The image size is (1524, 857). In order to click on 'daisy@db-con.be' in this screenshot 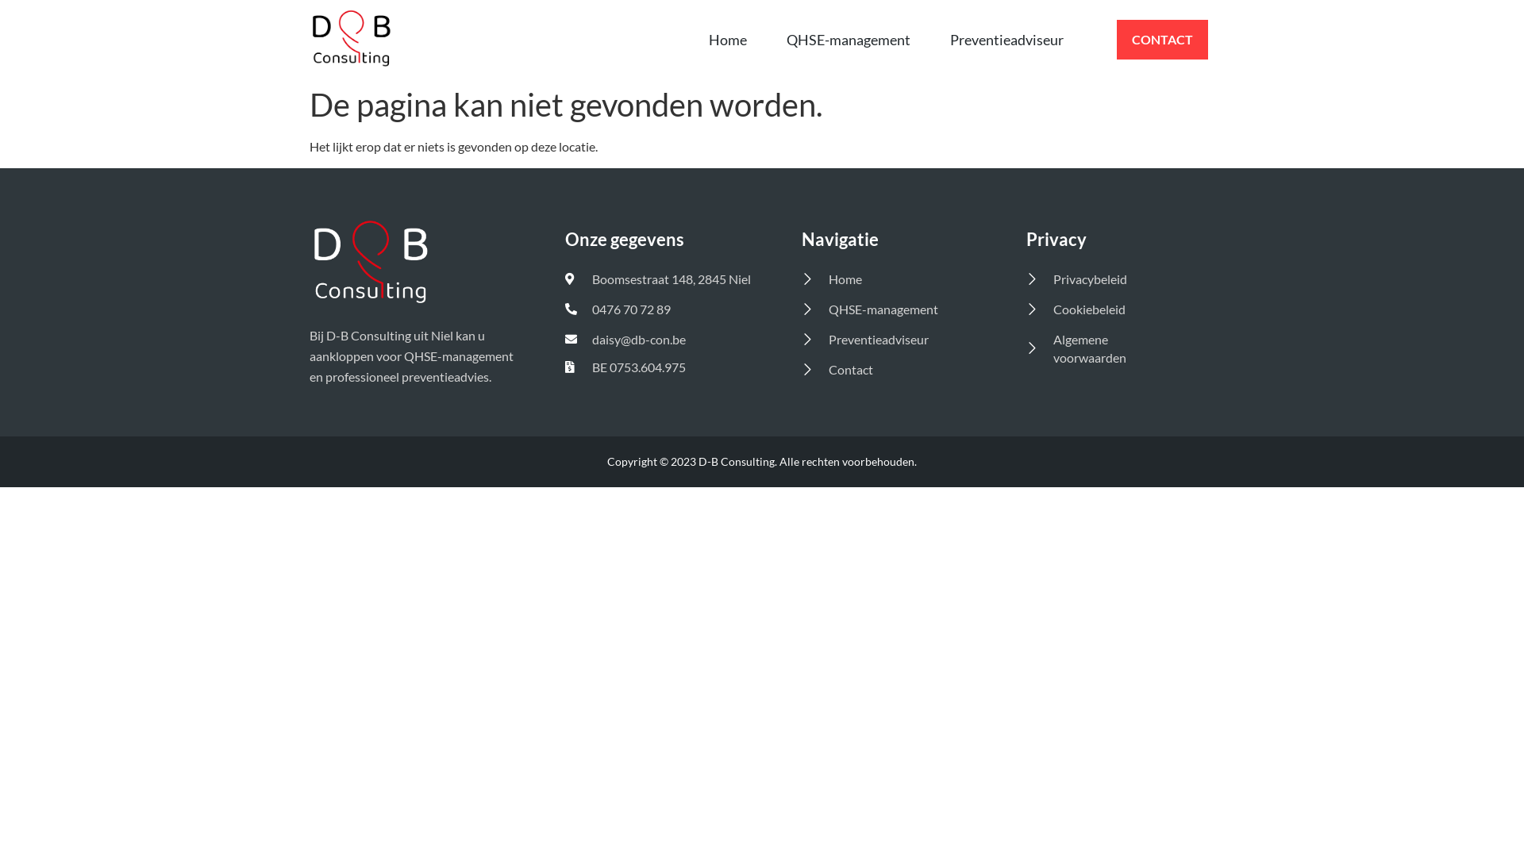, I will do `click(564, 338)`.